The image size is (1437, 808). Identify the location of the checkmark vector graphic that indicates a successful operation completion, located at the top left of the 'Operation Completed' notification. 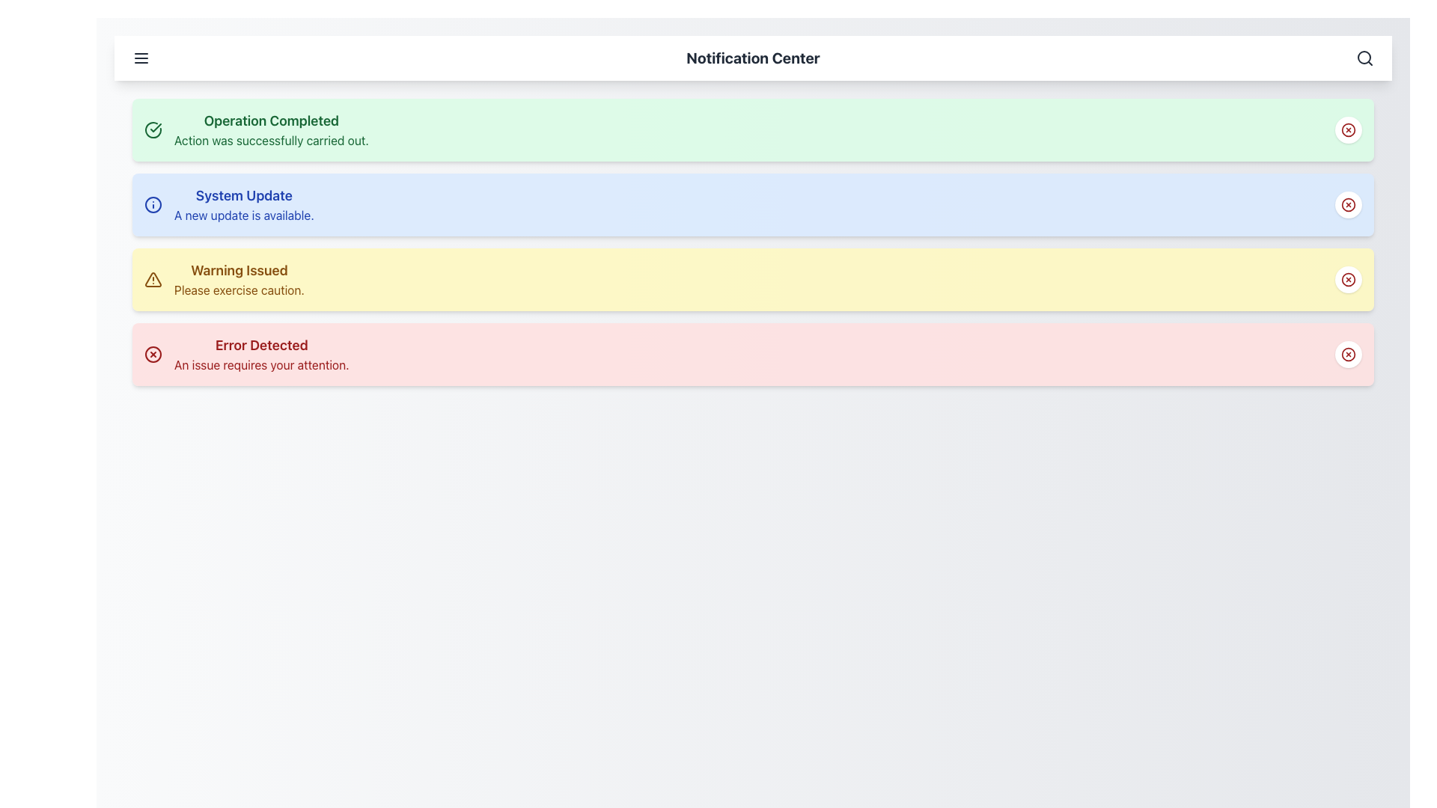
(156, 126).